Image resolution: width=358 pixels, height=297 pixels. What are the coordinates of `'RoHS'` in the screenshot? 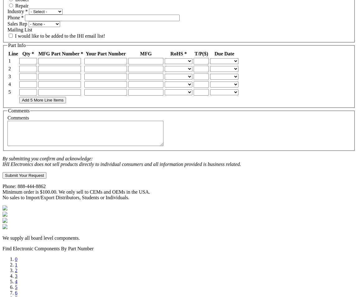 It's located at (177, 53).